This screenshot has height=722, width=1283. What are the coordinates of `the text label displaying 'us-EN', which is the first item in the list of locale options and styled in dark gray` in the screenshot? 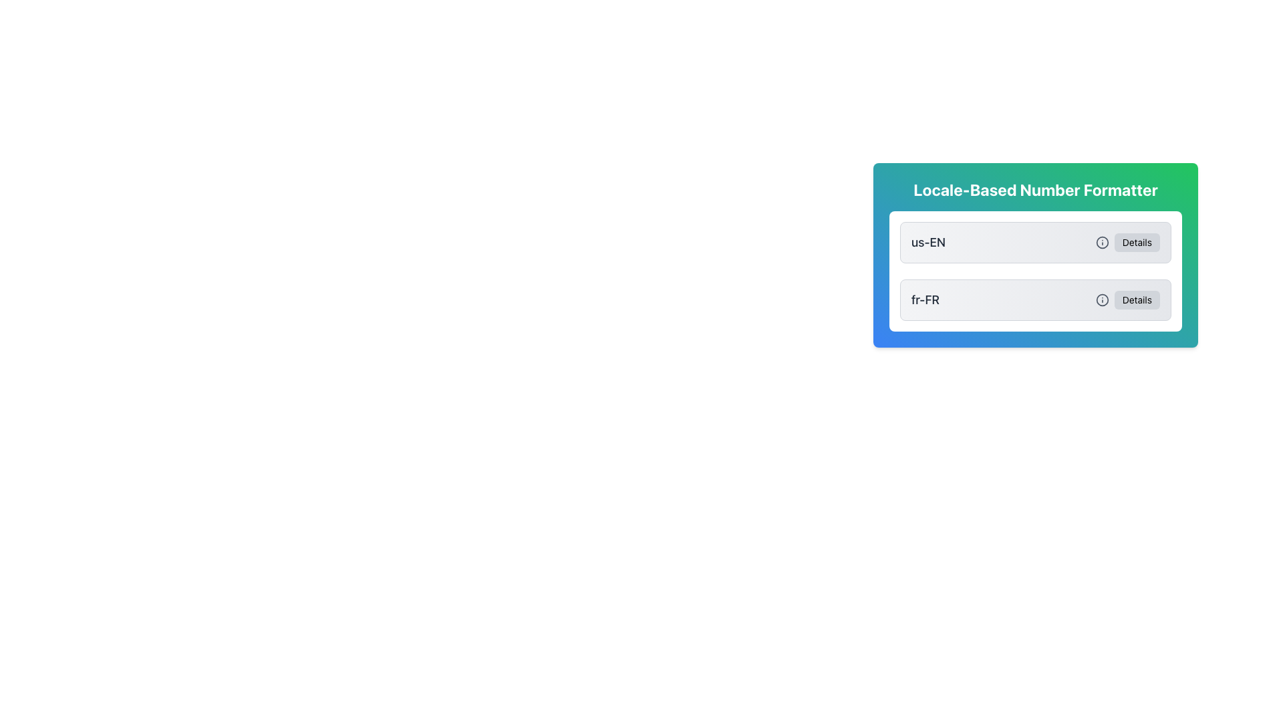 It's located at (928, 242).